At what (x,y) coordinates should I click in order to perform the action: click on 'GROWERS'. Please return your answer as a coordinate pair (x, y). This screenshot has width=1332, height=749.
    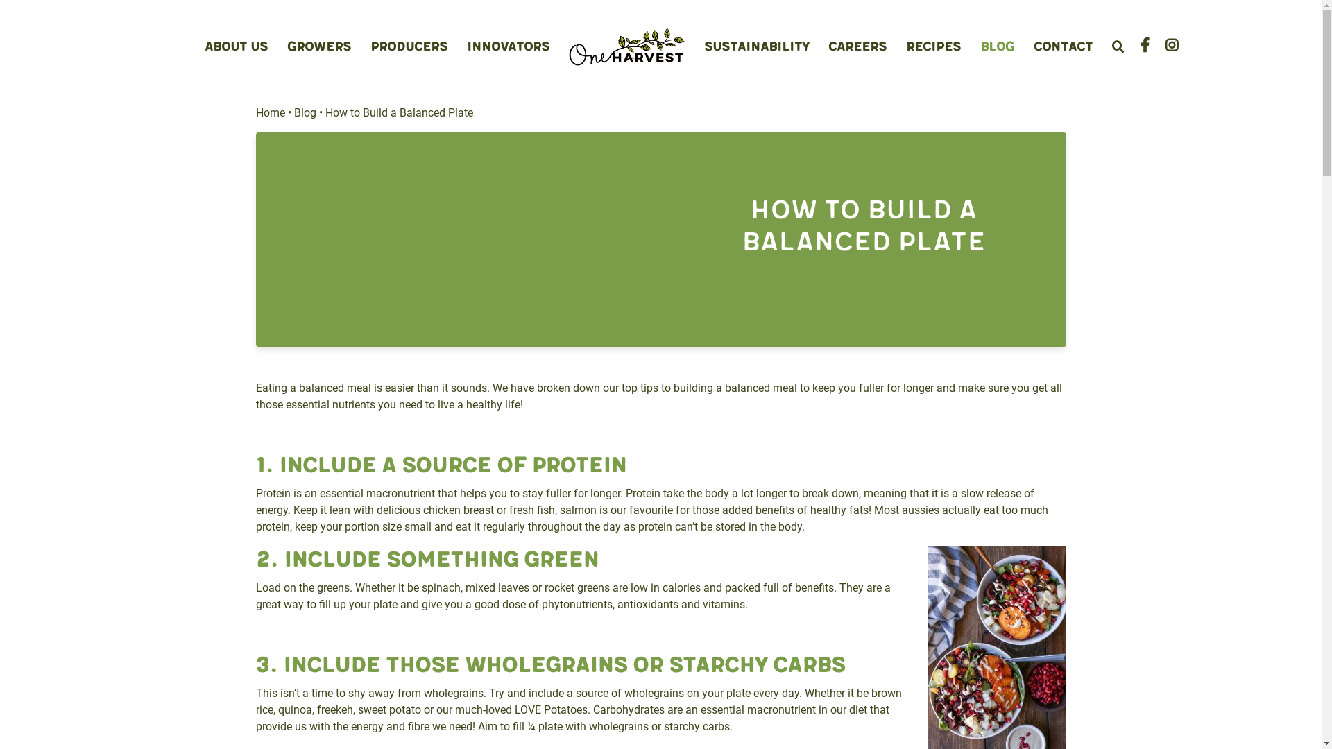
    Looking at the image, I should click on (318, 46).